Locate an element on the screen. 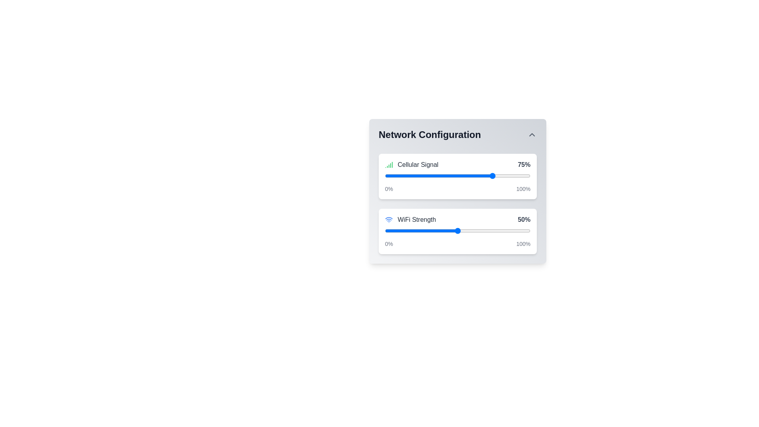  the WiFi strength is located at coordinates (418, 231).